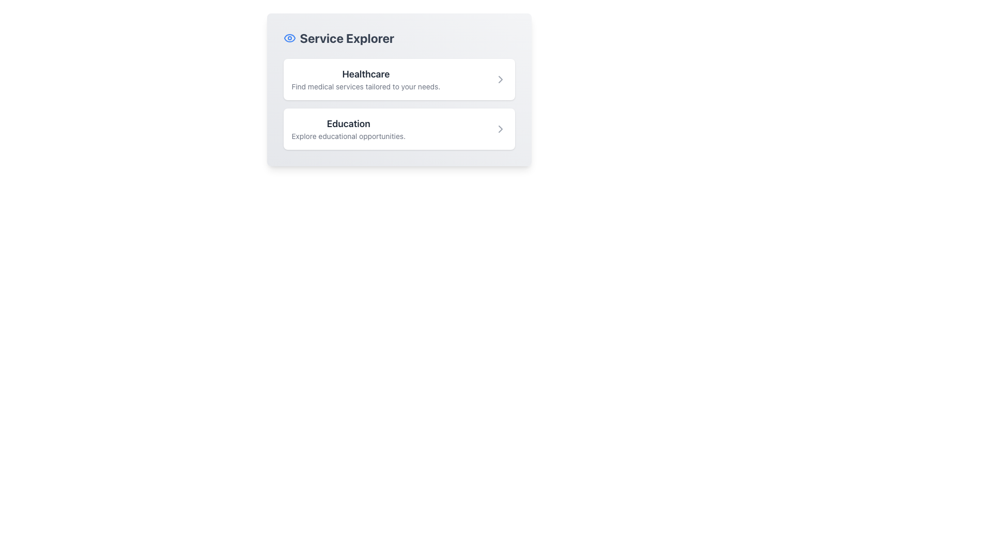  Describe the element at coordinates (348, 123) in the screenshot. I see `the Text Label that serves as a heading for the 'Education' section, located below the 'Healthcare' row` at that location.